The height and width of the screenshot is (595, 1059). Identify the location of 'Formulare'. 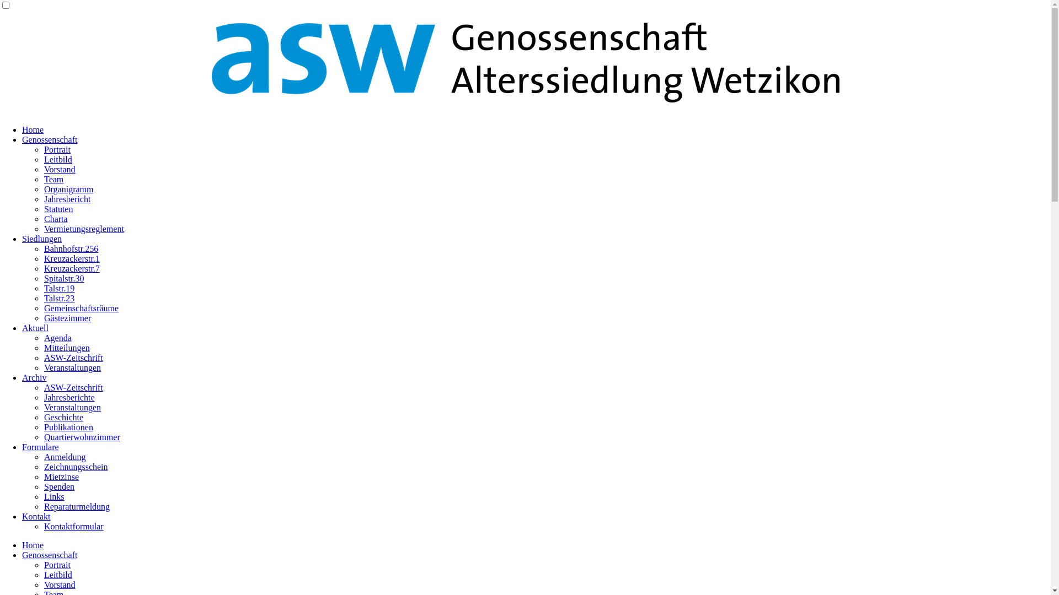
(40, 447).